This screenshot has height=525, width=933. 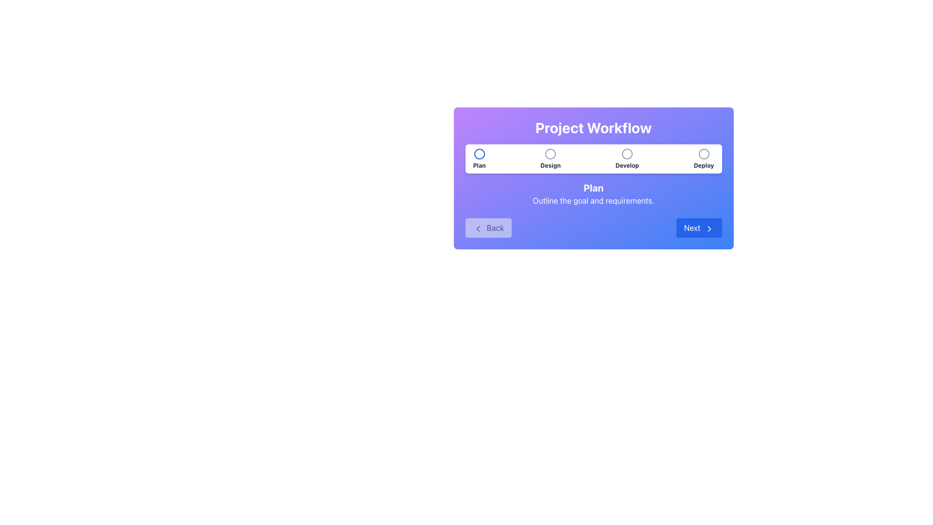 What do you see at coordinates (593, 178) in the screenshot?
I see `the navigational options within the vibrant card component that features a gradient background and embedded steps to change steps` at bounding box center [593, 178].